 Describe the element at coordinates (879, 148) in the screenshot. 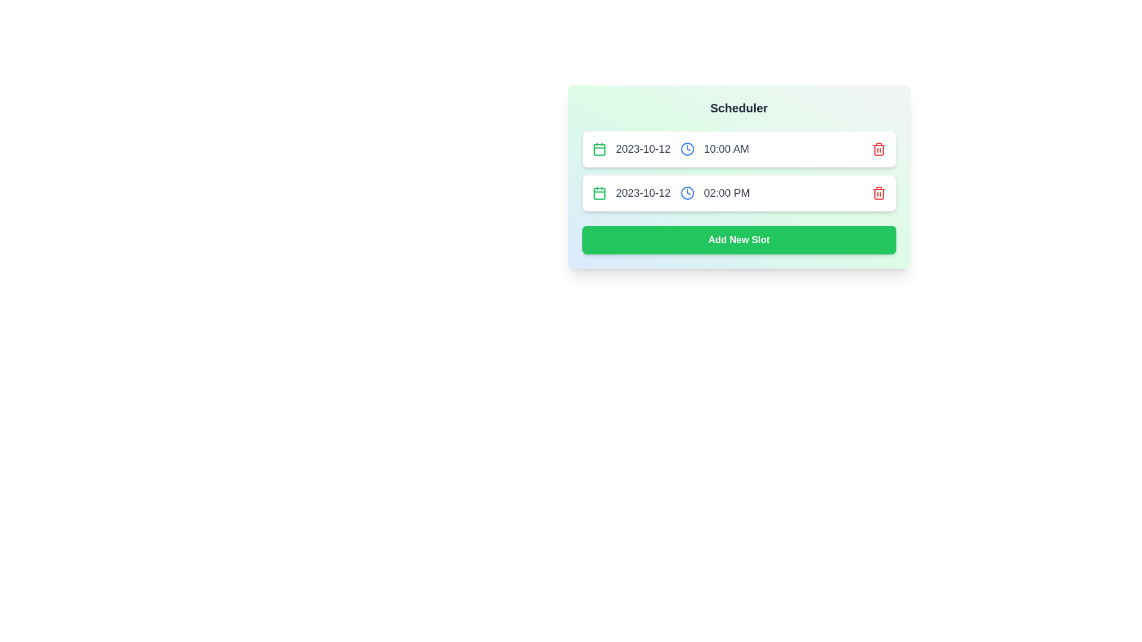

I see `the trash icon for the slot with date 2023-10-12 and time 10:00 AM` at that location.